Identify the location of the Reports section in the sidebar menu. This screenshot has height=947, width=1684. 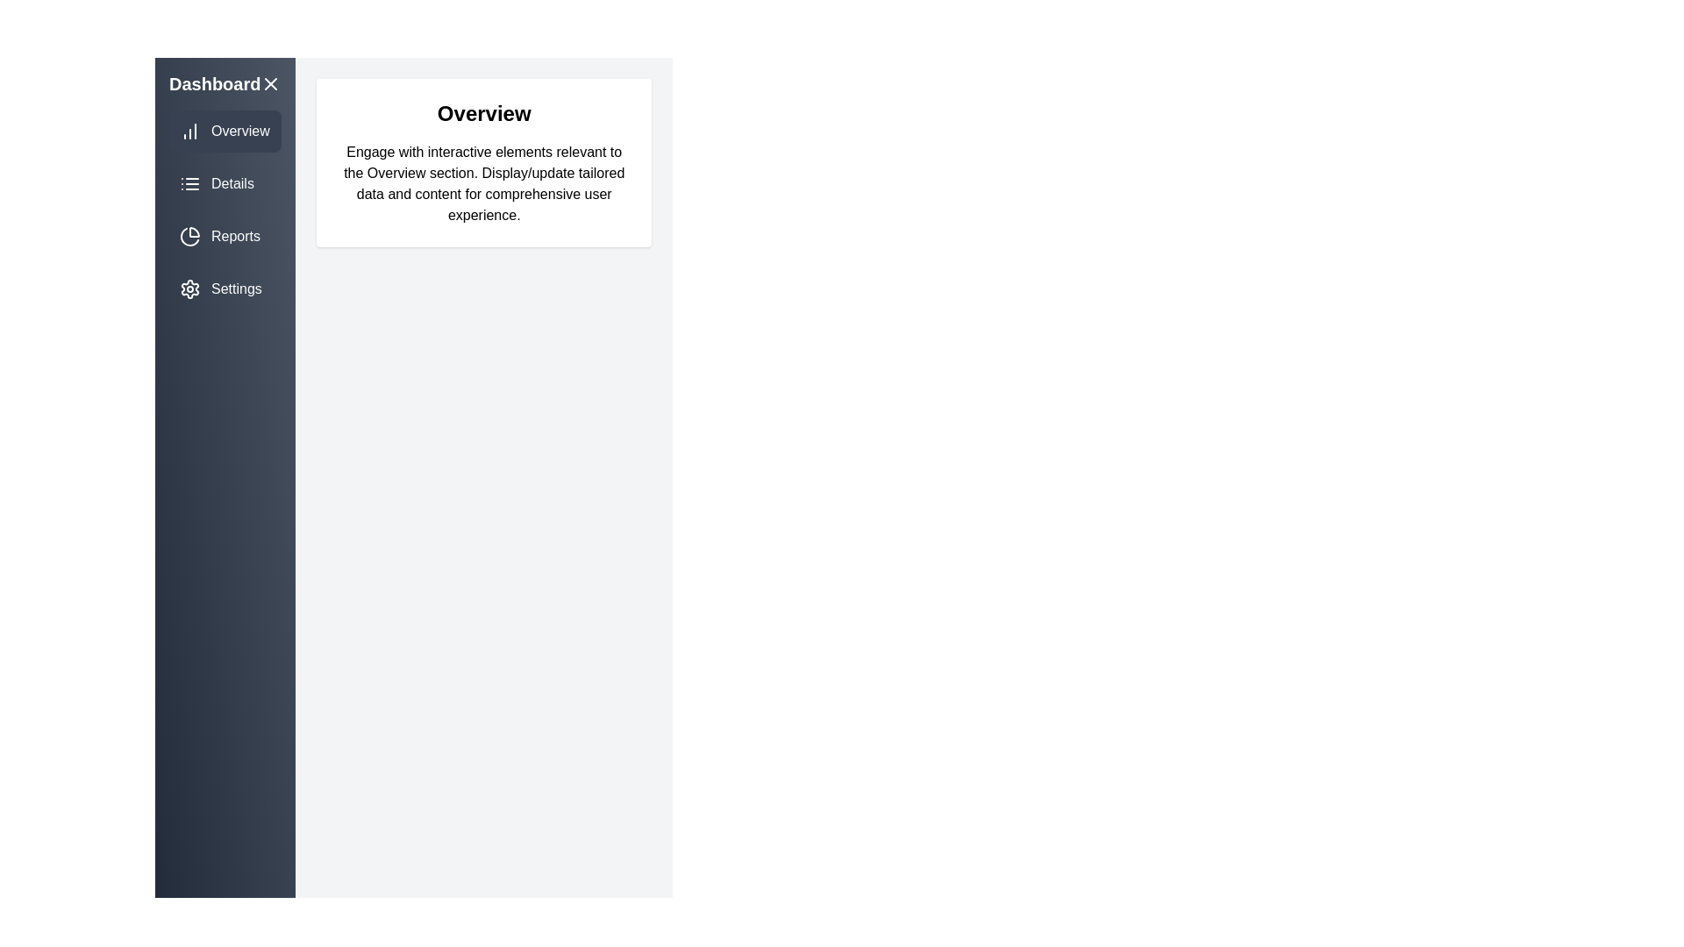
(225, 237).